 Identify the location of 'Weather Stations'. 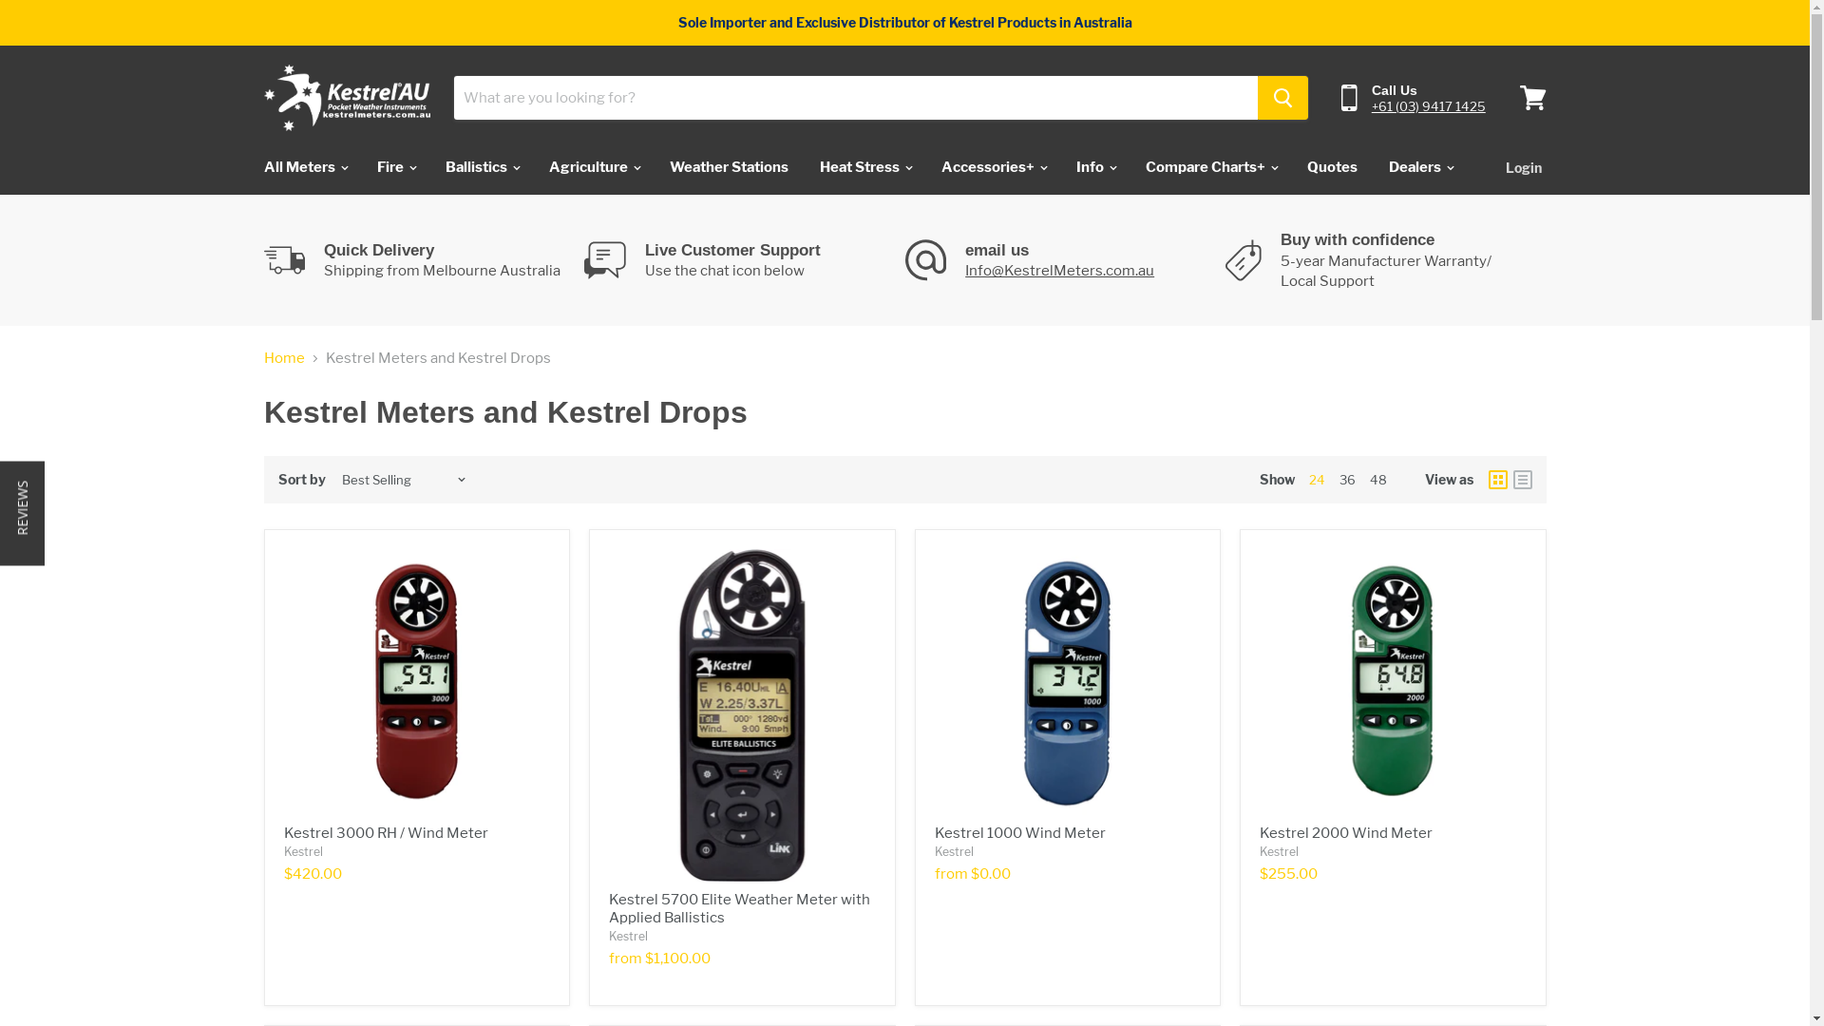
(728, 166).